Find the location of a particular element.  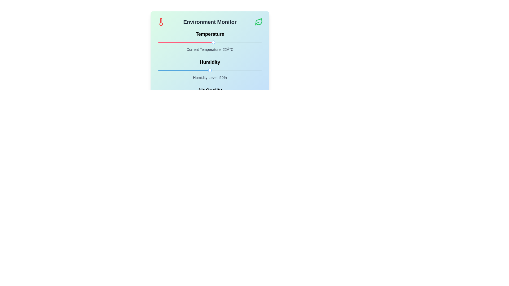

the temperature is located at coordinates (242, 42).